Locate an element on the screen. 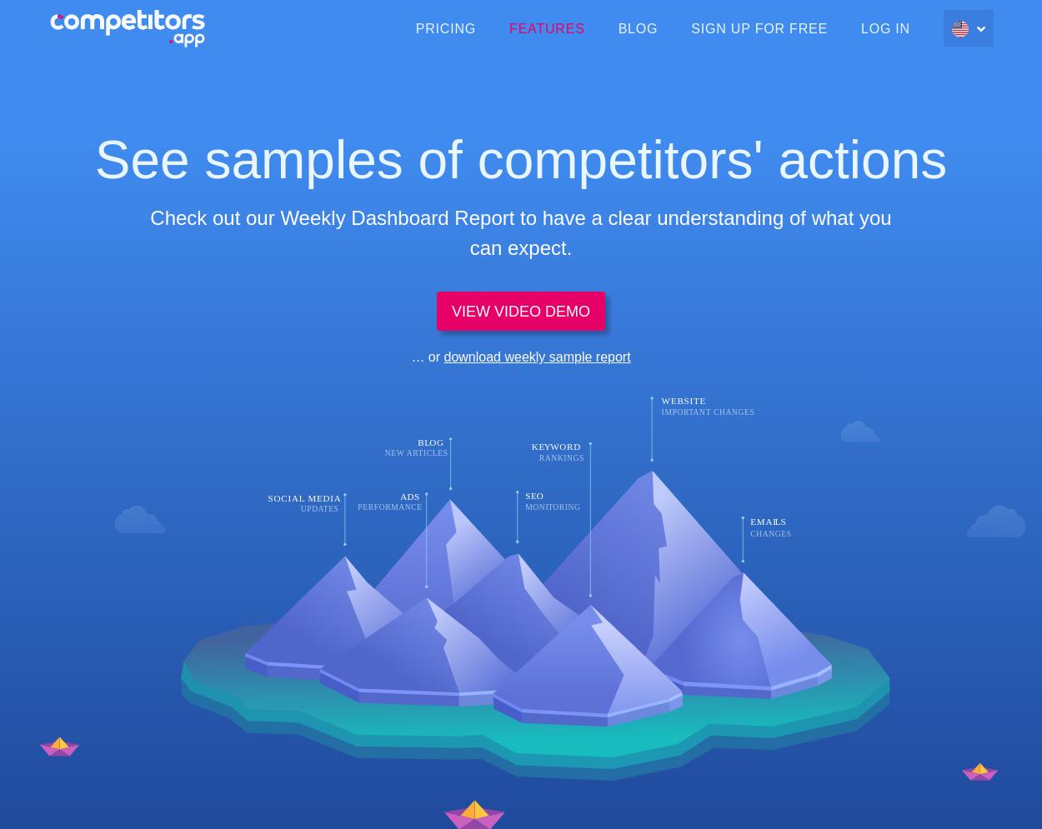 The height and width of the screenshot is (829, 1042). 'W' is located at coordinates (554, 445).